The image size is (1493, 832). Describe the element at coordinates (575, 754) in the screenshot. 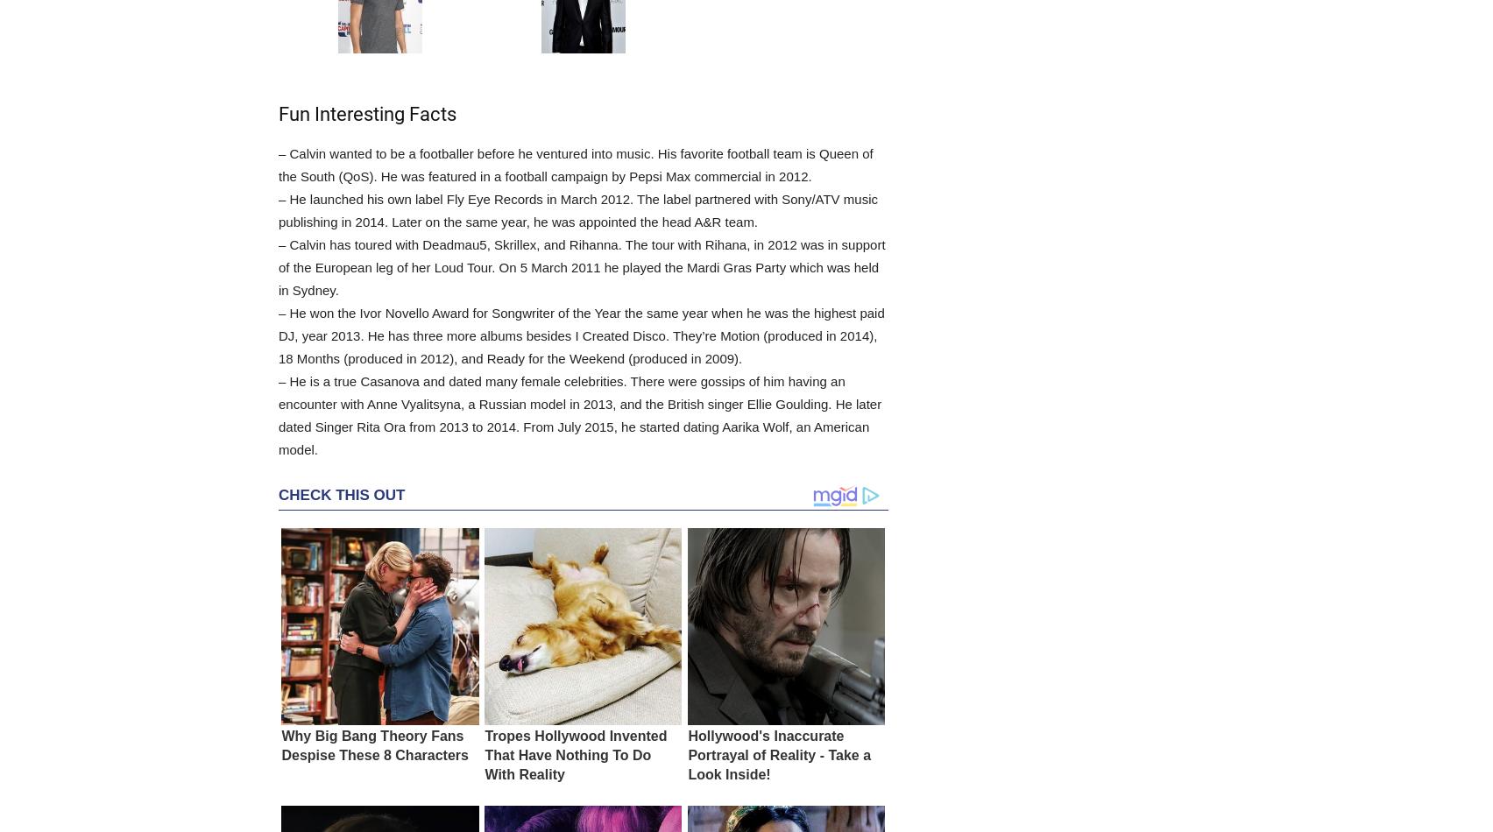

I see `'Tropes Hollywood Invented That Have Nothing To Do With Reality'` at that location.